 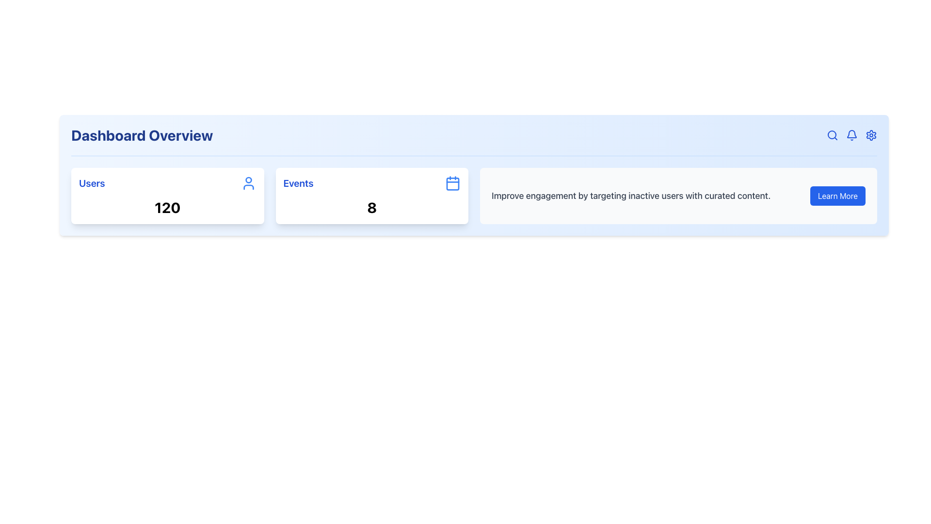 What do you see at coordinates (851, 134) in the screenshot?
I see `the blue stroke of the bell icon's interior curve located in the top-right corner of the header section` at bounding box center [851, 134].